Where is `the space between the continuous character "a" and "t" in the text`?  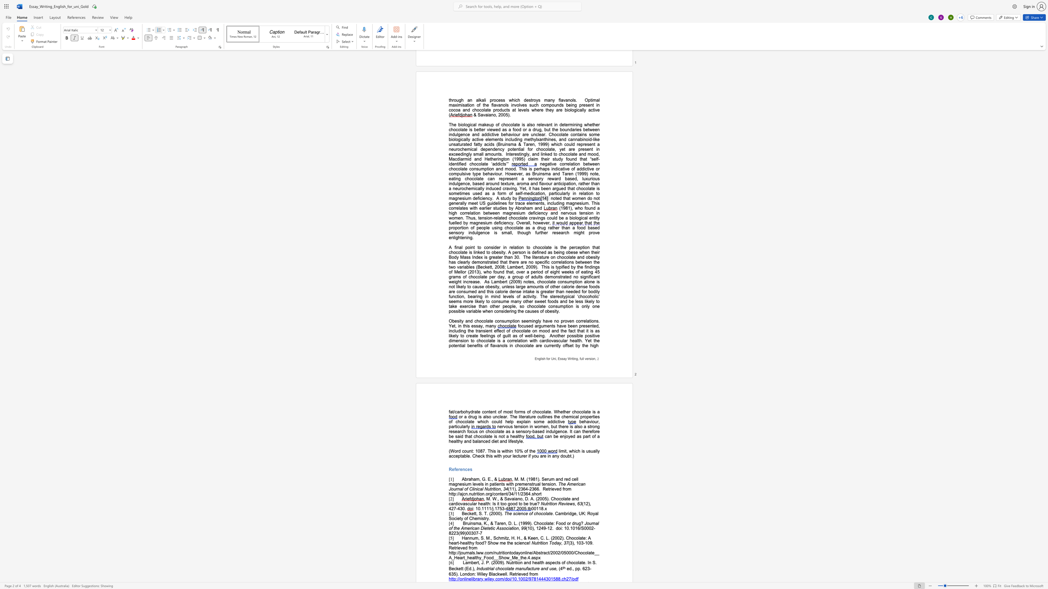
the space between the continuous character "a" and "t" in the text is located at coordinates (510, 569).